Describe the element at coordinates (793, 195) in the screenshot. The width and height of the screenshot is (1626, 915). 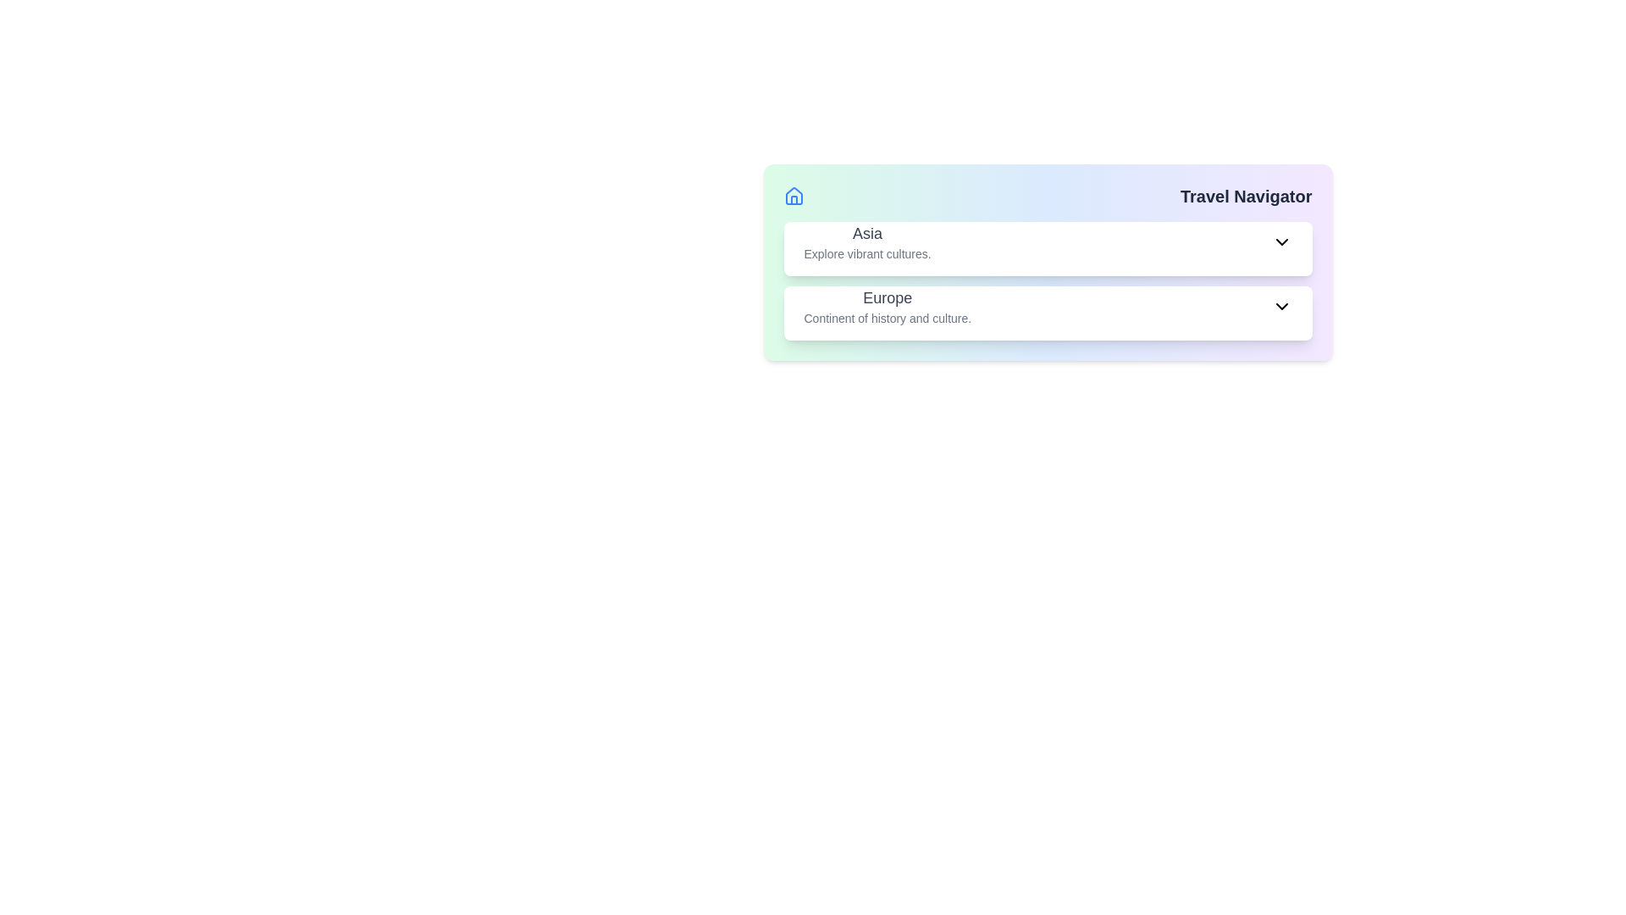
I see `the decorative icon located in the top left corner of the 'Travel Navigator' card, which serves as an indicator for the card's category or purpose` at that location.